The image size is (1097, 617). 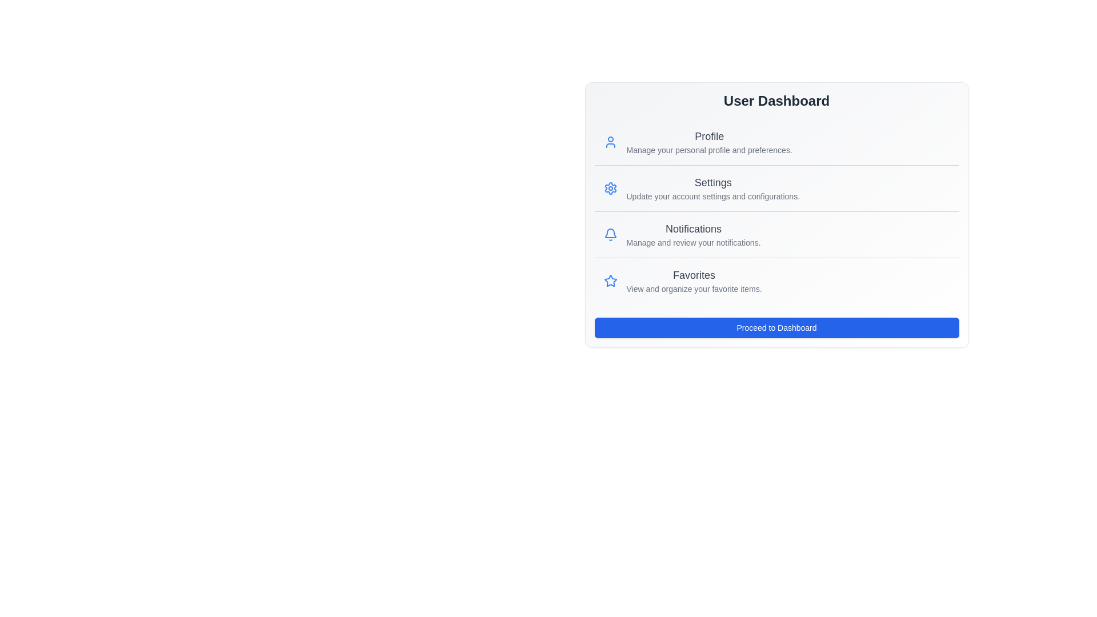 I want to click on the vertical navigation menu located in the User Dashboard, positioned centrally below the title and above the Proceed to Dashboard button, so click(x=776, y=211).